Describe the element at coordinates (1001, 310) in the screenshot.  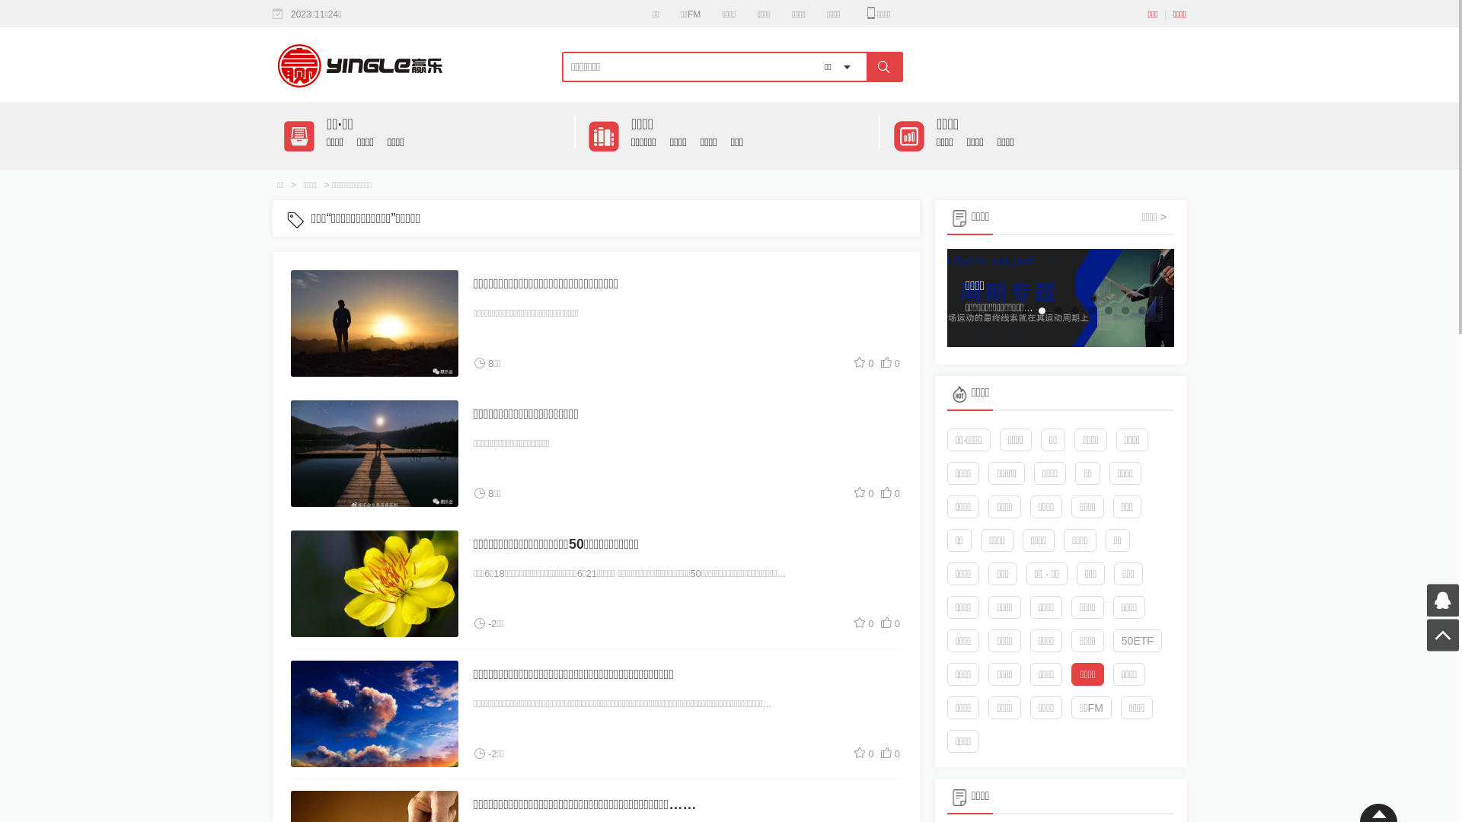
I see `'3'` at that location.